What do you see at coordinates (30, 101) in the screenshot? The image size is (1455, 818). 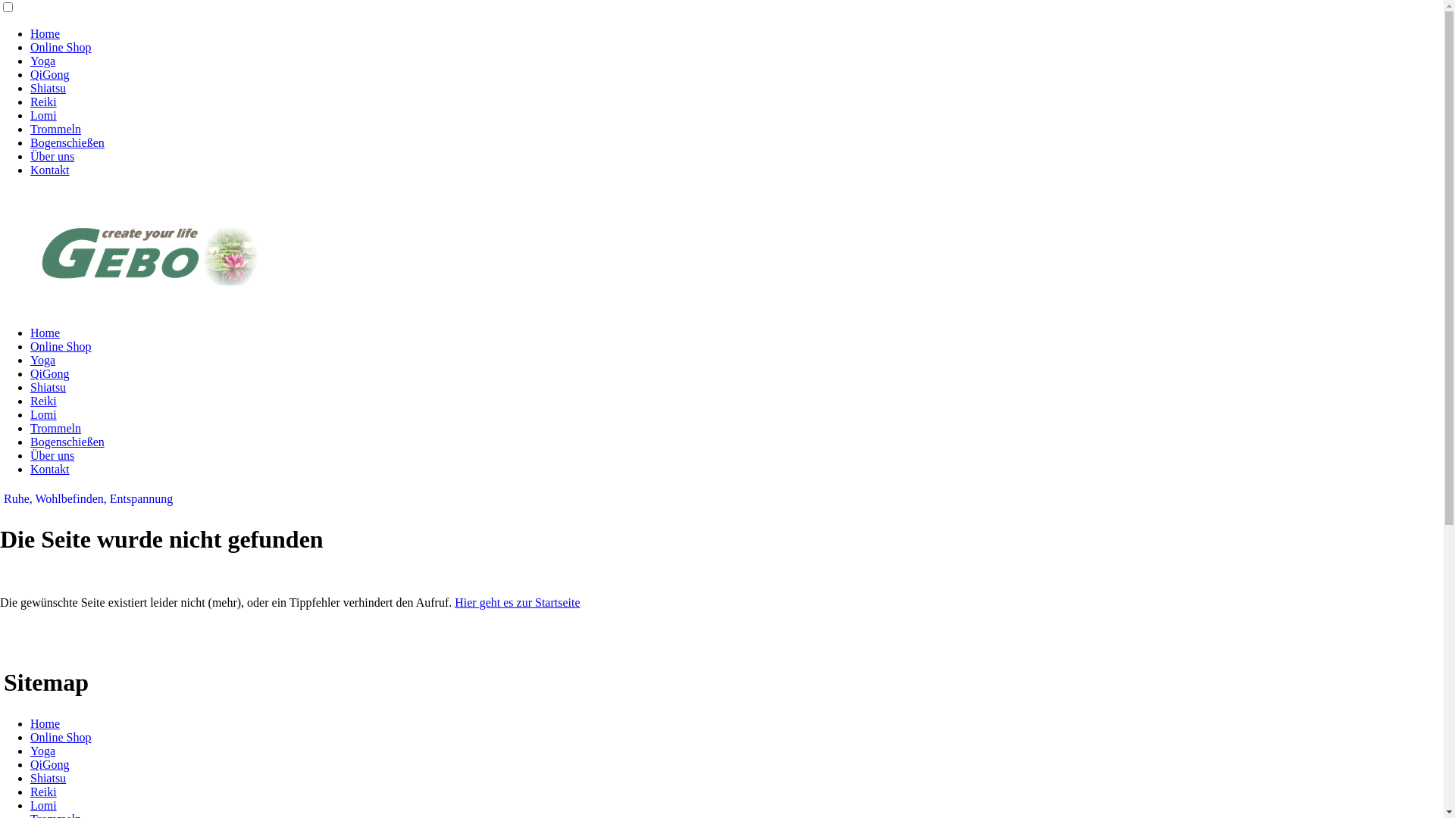 I see `'Reiki'` at bounding box center [30, 101].